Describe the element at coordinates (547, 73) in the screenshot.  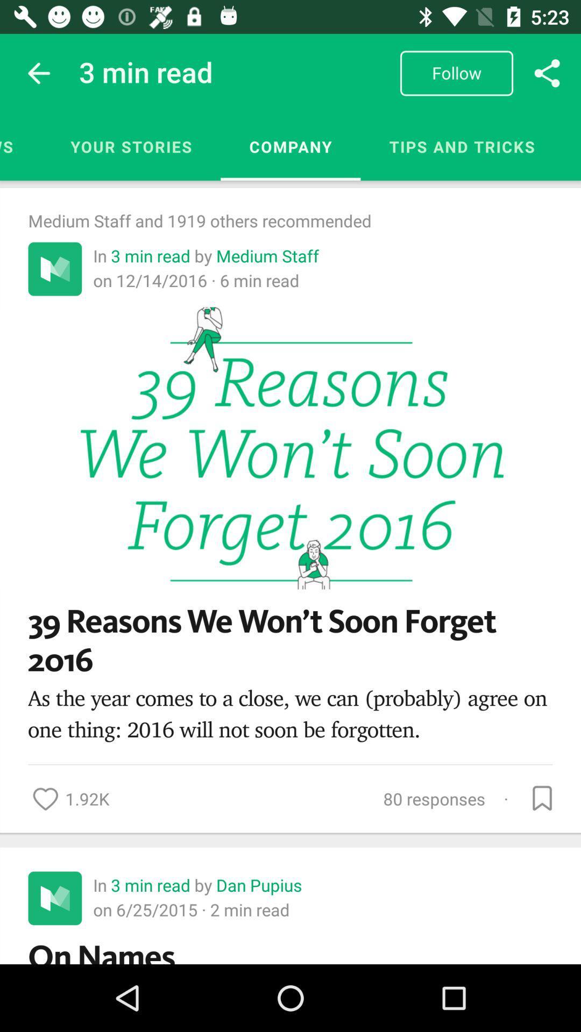
I see `the share icon positioned at the top right corner` at that location.